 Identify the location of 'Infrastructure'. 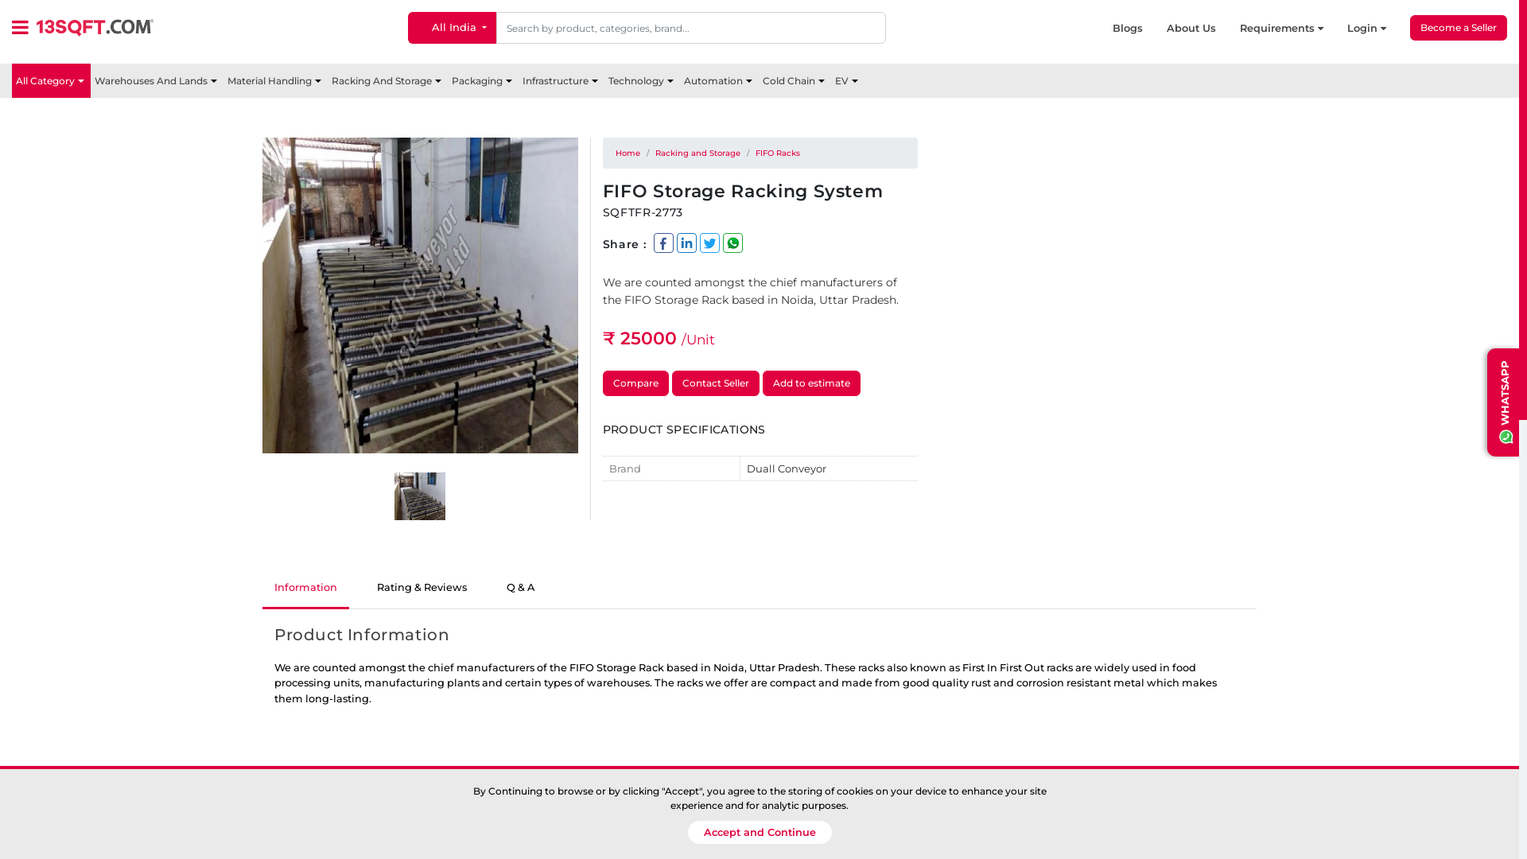
(561, 80).